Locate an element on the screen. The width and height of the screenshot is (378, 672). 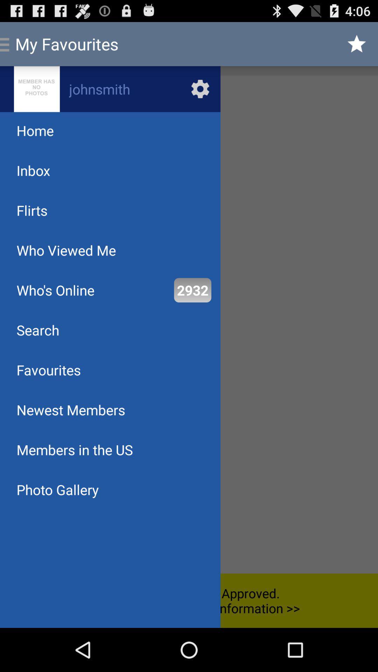
flirts icon is located at coordinates (32, 210).